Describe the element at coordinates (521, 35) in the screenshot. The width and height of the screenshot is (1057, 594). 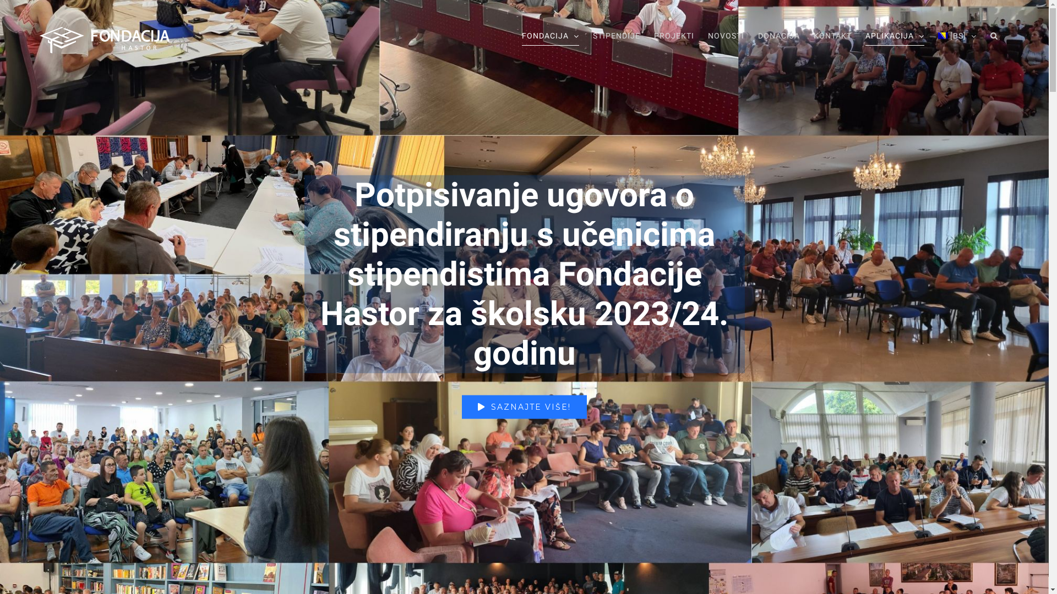
I see `'FONDACIJA'` at that location.